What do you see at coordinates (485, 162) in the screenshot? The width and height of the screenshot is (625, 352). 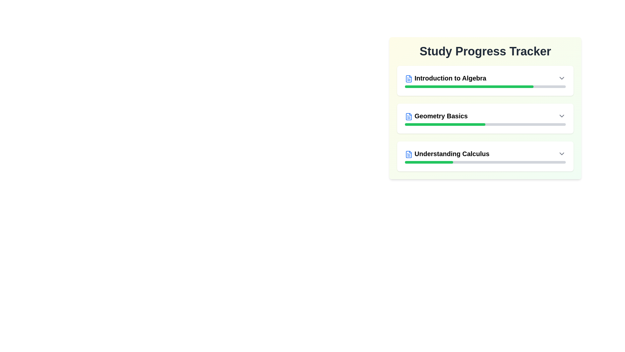 I see `the progress bar indicating 30% completion for the 'Understanding Calculus' module under the 'Study Progress Tracker'` at bounding box center [485, 162].